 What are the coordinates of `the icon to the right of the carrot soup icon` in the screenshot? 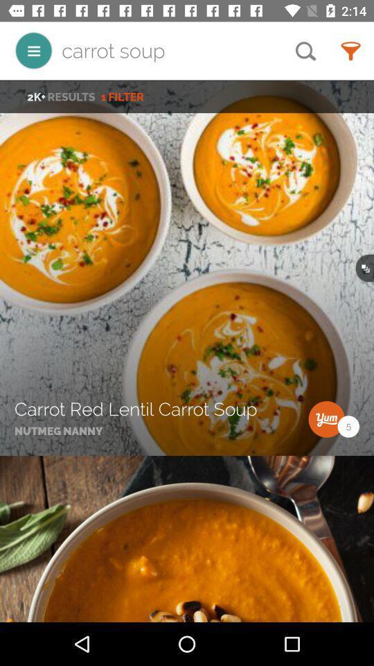 It's located at (305, 51).